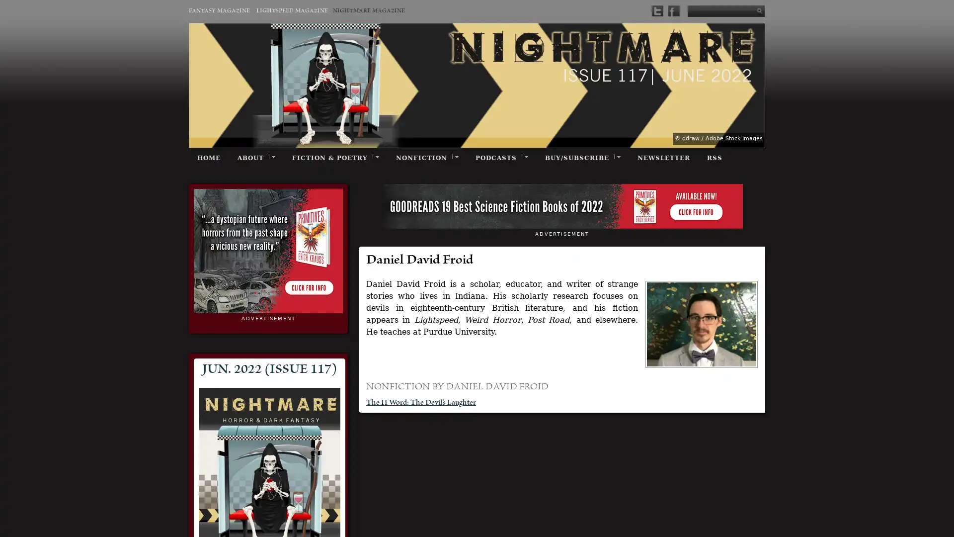 The image size is (954, 537). Describe the element at coordinates (770, 10) in the screenshot. I see `Submit` at that location.